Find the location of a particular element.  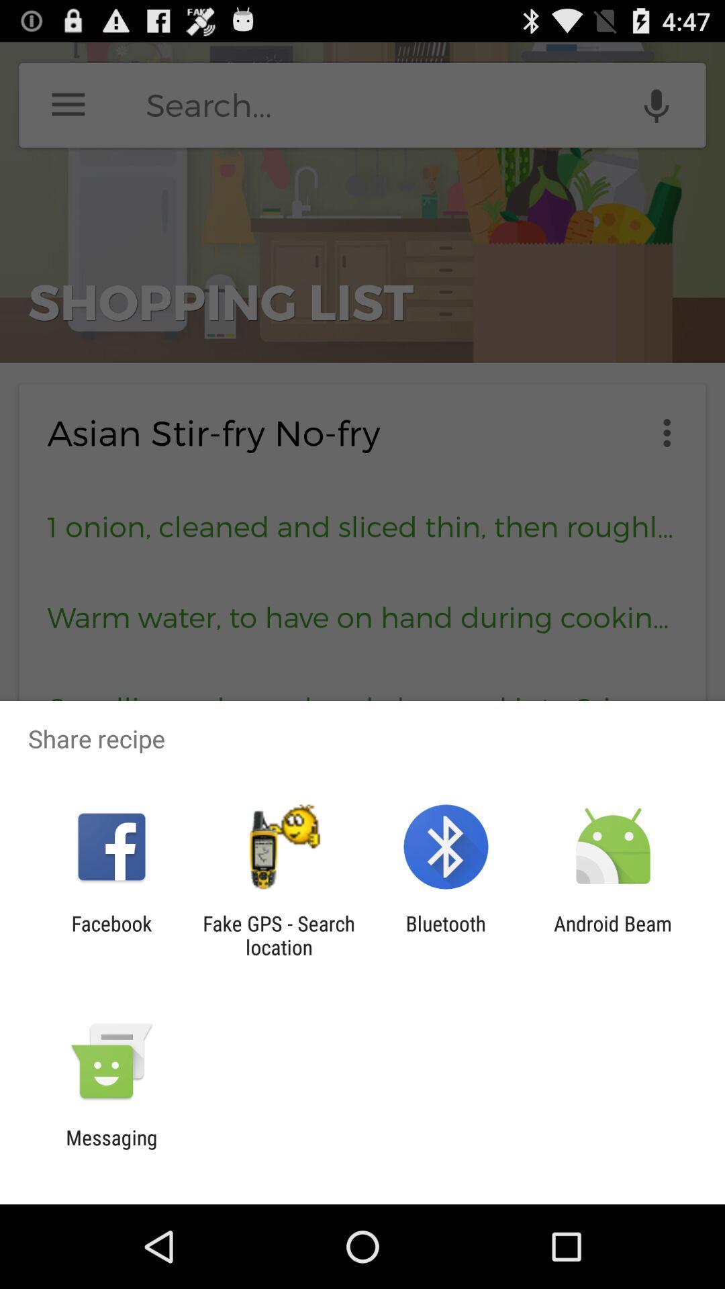

item next to fake gps search item is located at coordinates (111, 935).